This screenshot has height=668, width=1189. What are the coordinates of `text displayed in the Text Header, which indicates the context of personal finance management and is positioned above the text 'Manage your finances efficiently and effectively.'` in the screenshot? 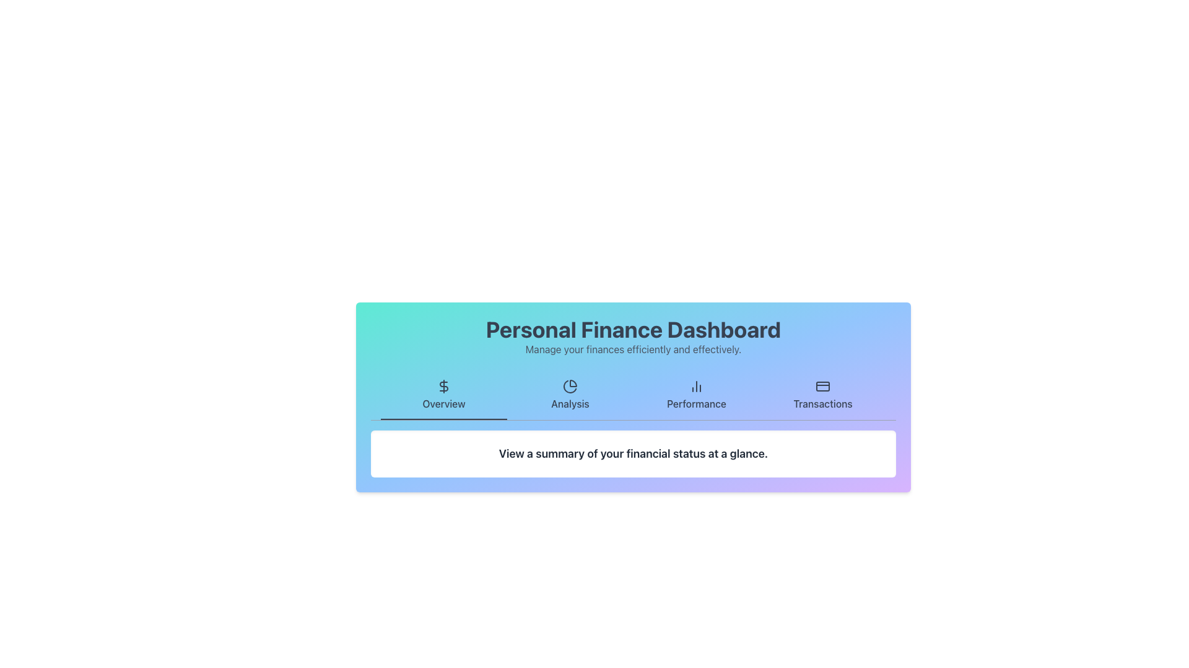 It's located at (633, 328).